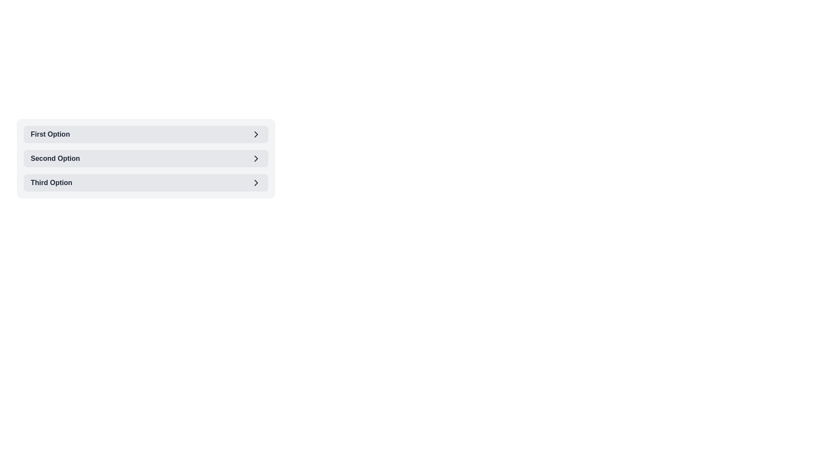 Image resolution: width=831 pixels, height=467 pixels. I want to click on the interactive option selector button located at the bottom of a vertically stacked list, which expands further details or triggers an action, so click(146, 182).